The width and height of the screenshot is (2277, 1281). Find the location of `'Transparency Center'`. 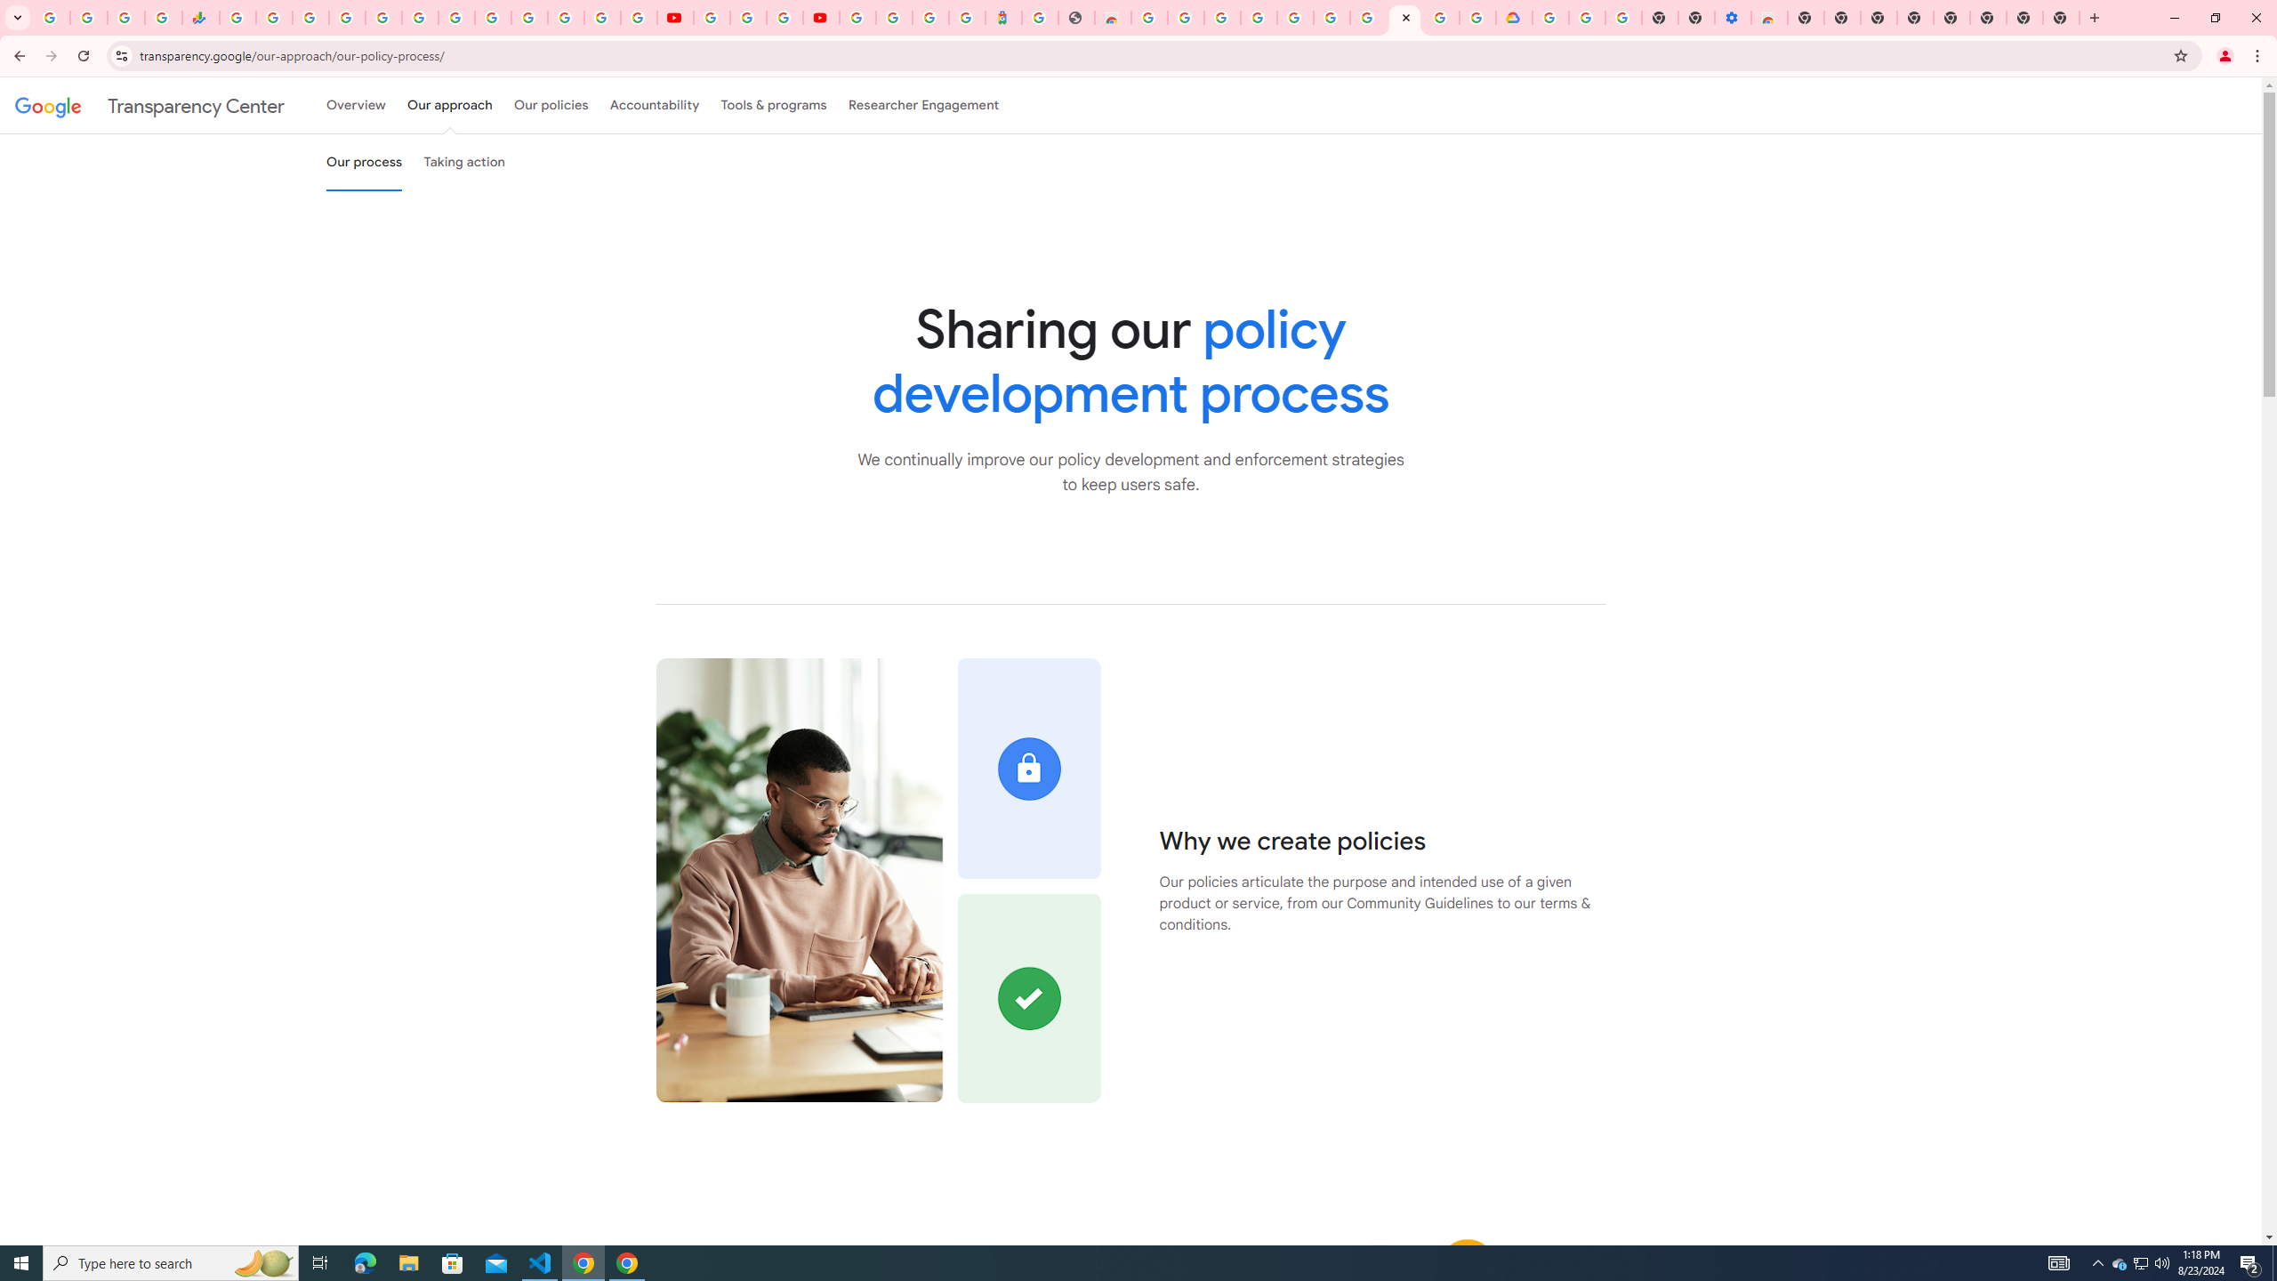

'Transparency Center' is located at coordinates (149, 105).